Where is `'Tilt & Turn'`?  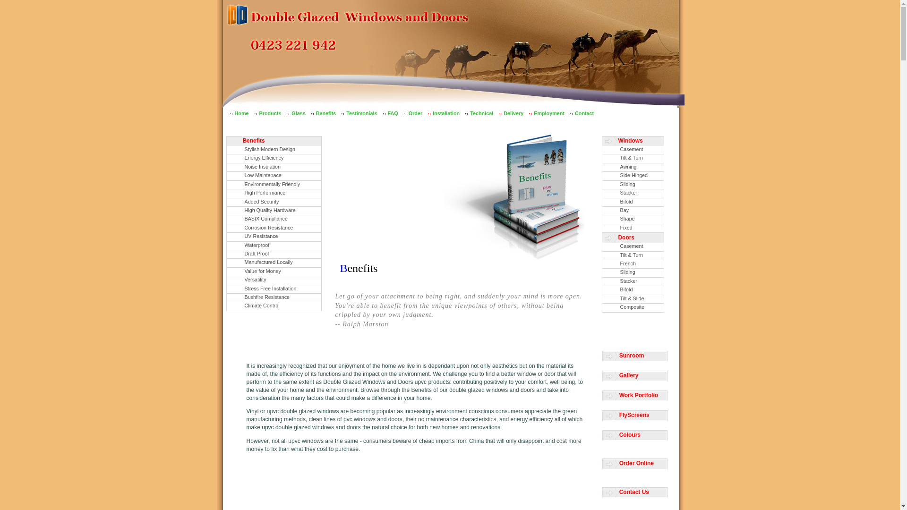 'Tilt & Turn' is located at coordinates (633, 158).